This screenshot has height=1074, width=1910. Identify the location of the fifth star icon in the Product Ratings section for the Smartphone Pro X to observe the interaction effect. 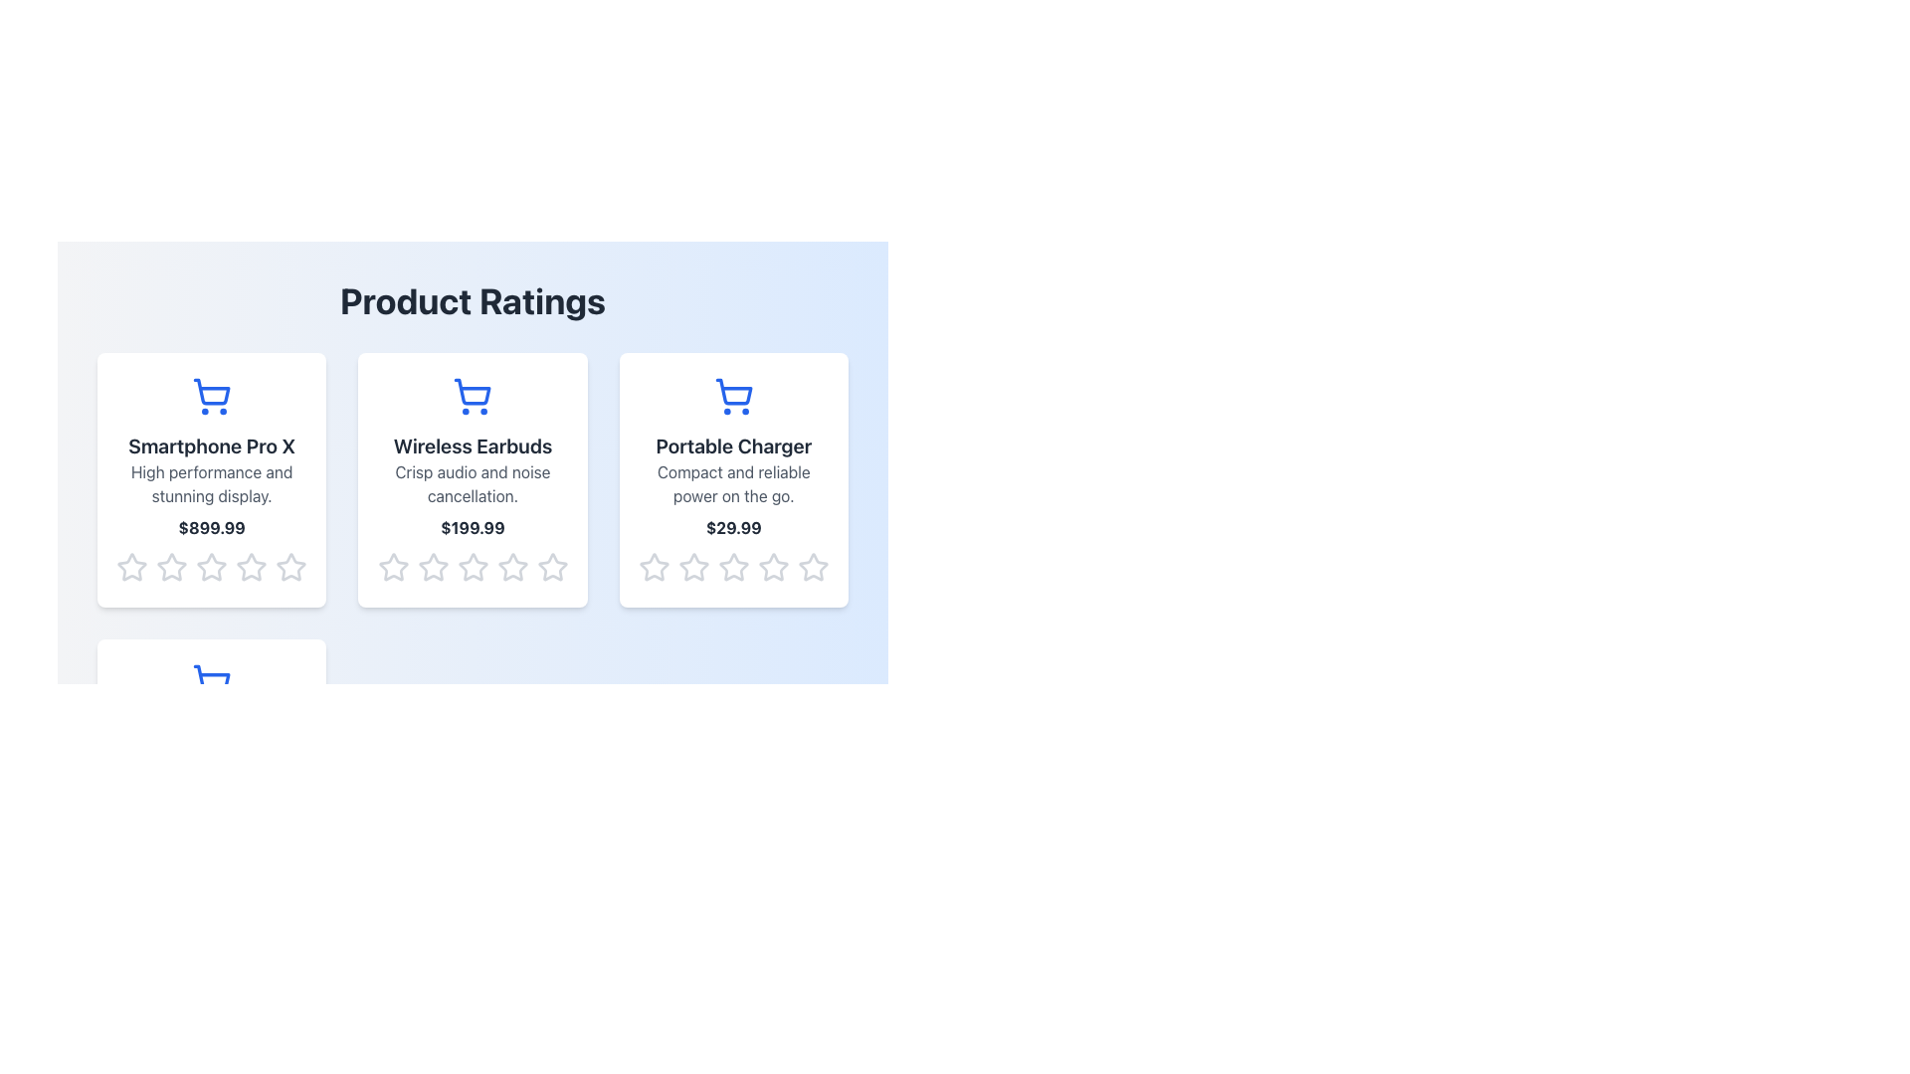
(290, 567).